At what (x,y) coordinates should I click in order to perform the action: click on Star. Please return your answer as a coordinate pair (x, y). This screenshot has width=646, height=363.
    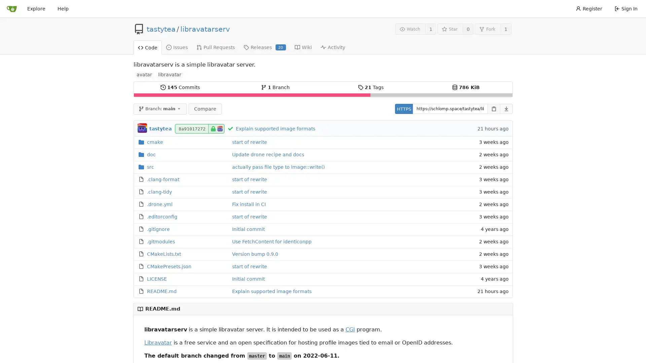
    Looking at the image, I should click on (450, 29).